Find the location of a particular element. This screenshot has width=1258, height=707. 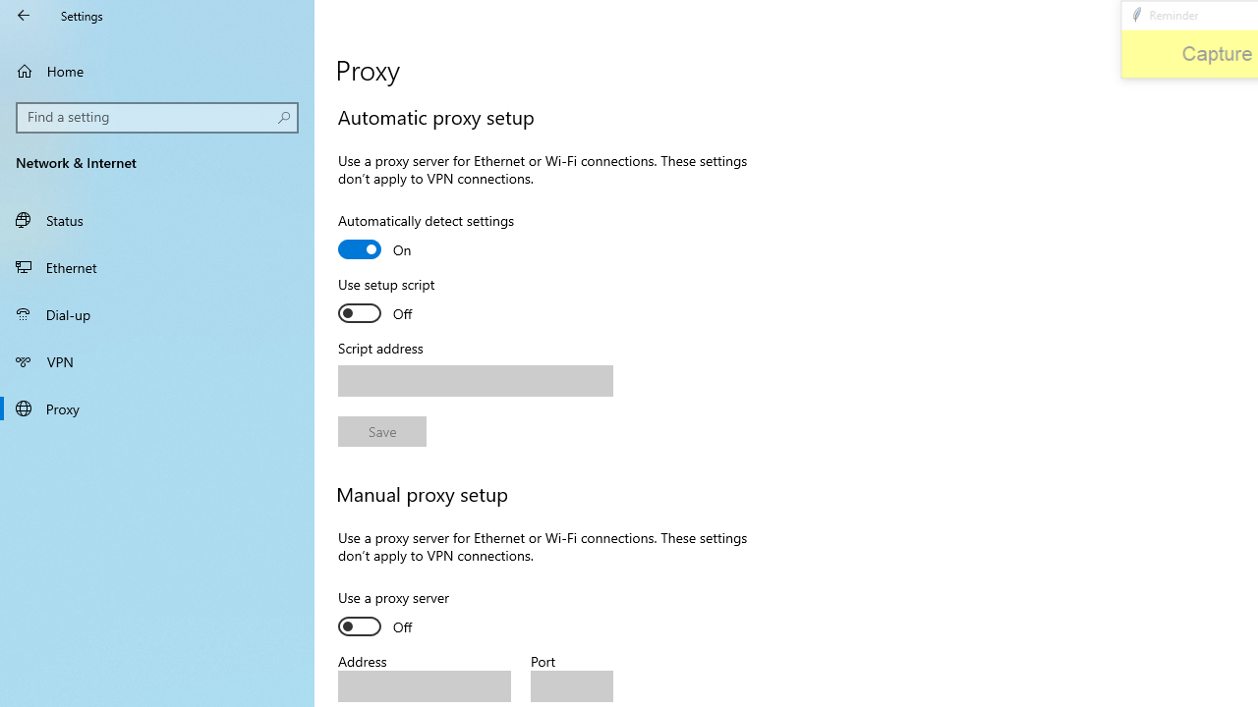

'Save' is located at coordinates (382, 430).